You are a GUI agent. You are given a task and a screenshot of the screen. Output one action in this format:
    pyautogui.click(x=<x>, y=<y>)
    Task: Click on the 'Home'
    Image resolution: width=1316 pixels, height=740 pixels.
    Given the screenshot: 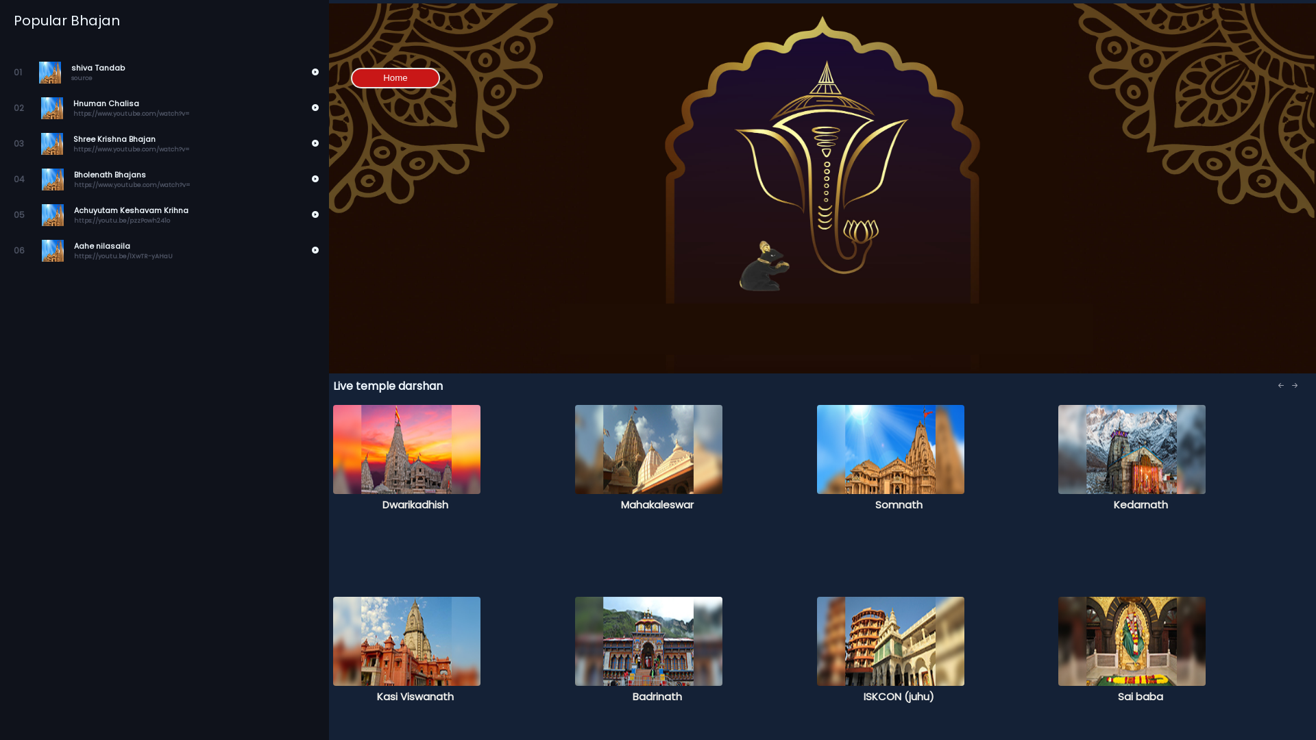 What is the action you would take?
    pyautogui.click(x=394, y=77)
    